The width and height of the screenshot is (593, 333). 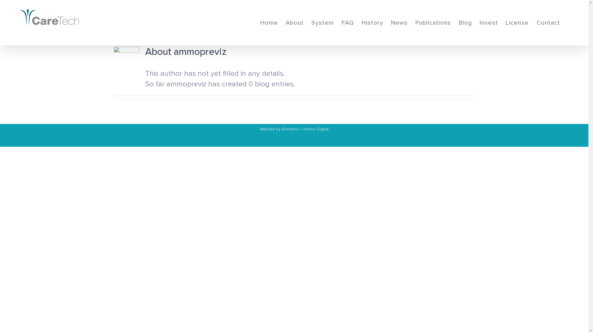 What do you see at coordinates (294, 22) in the screenshot?
I see `'About'` at bounding box center [294, 22].